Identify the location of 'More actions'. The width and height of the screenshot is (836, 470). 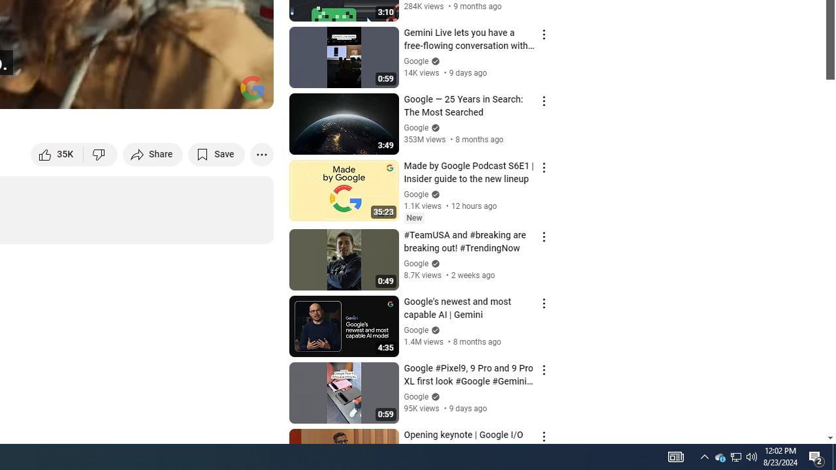
(261, 153).